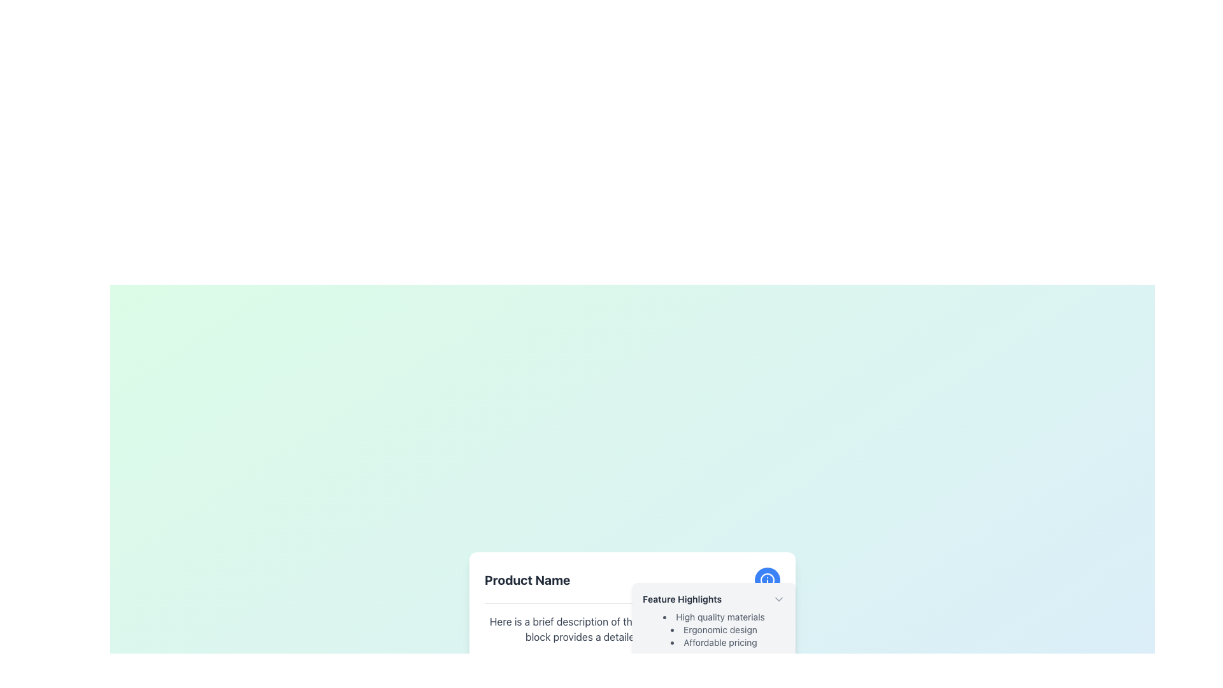 The image size is (1223, 688). I want to click on textual content of the unordered list element that contains 'High quality materials,' 'Ergonomic design,' and 'Affordable pricing.' This list is styled with a small gray font and is located beneath the text 'Feature Highlights.', so click(714, 628).